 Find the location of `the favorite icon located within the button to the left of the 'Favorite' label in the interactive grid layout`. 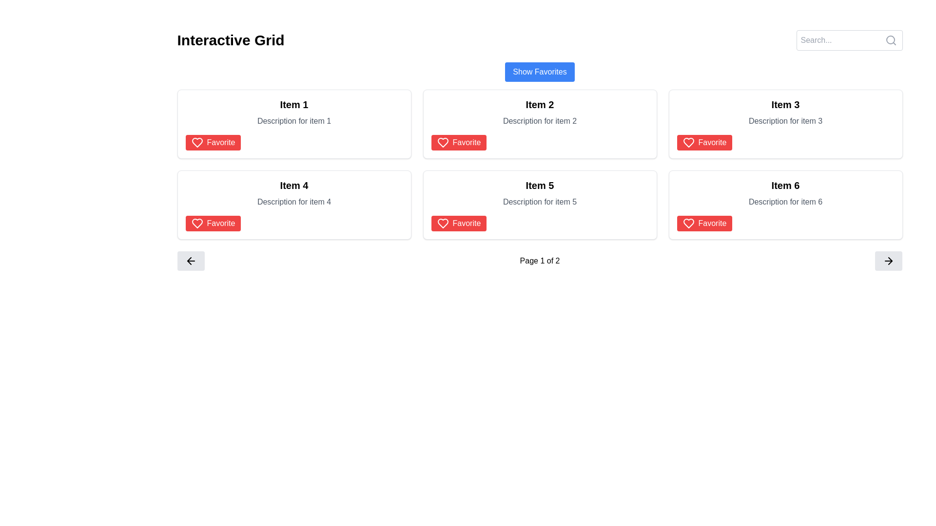

the favorite icon located within the button to the left of the 'Favorite' label in the interactive grid layout is located at coordinates (688, 143).